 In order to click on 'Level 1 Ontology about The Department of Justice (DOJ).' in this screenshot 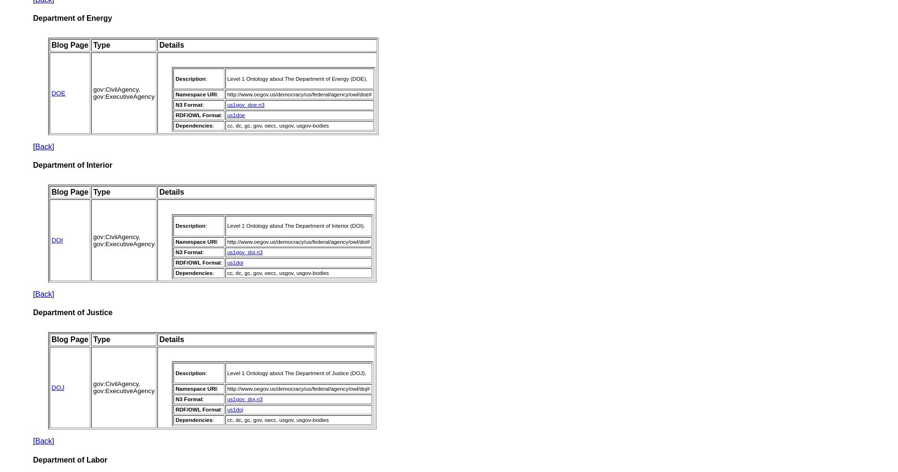, I will do `click(296, 373)`.